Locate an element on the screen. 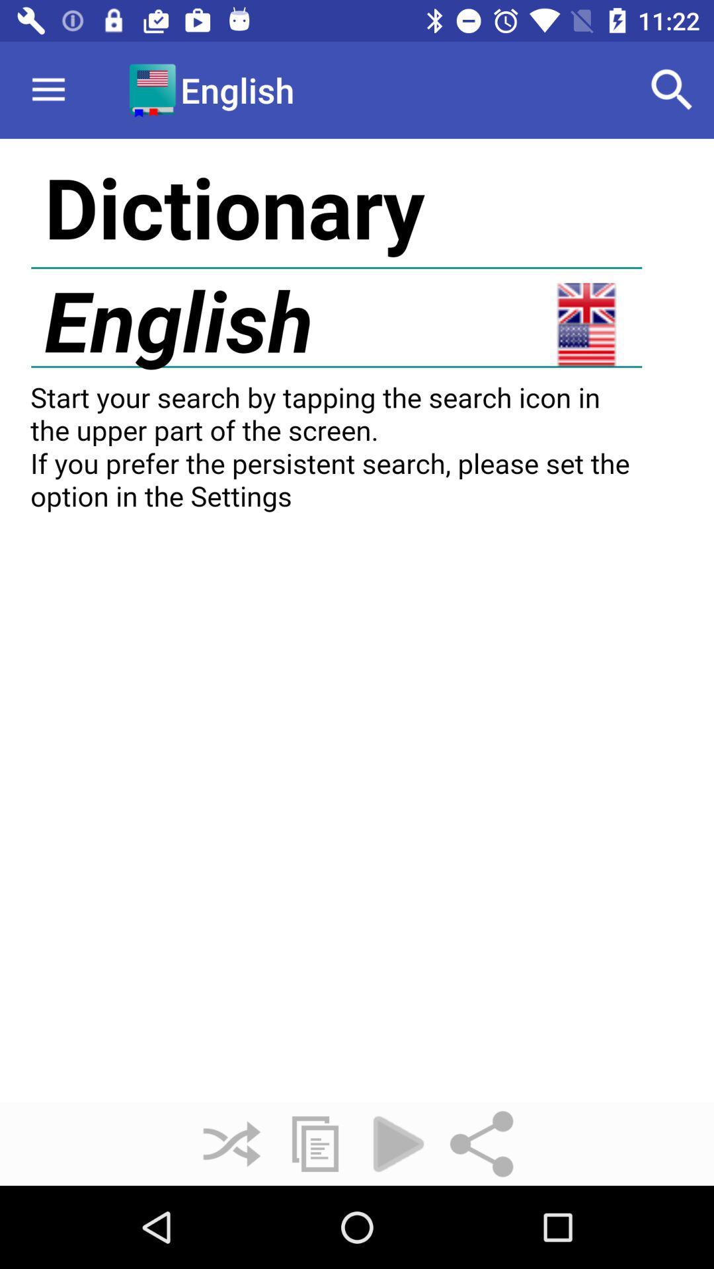  the share icon is located at coordinates (482, 1143).